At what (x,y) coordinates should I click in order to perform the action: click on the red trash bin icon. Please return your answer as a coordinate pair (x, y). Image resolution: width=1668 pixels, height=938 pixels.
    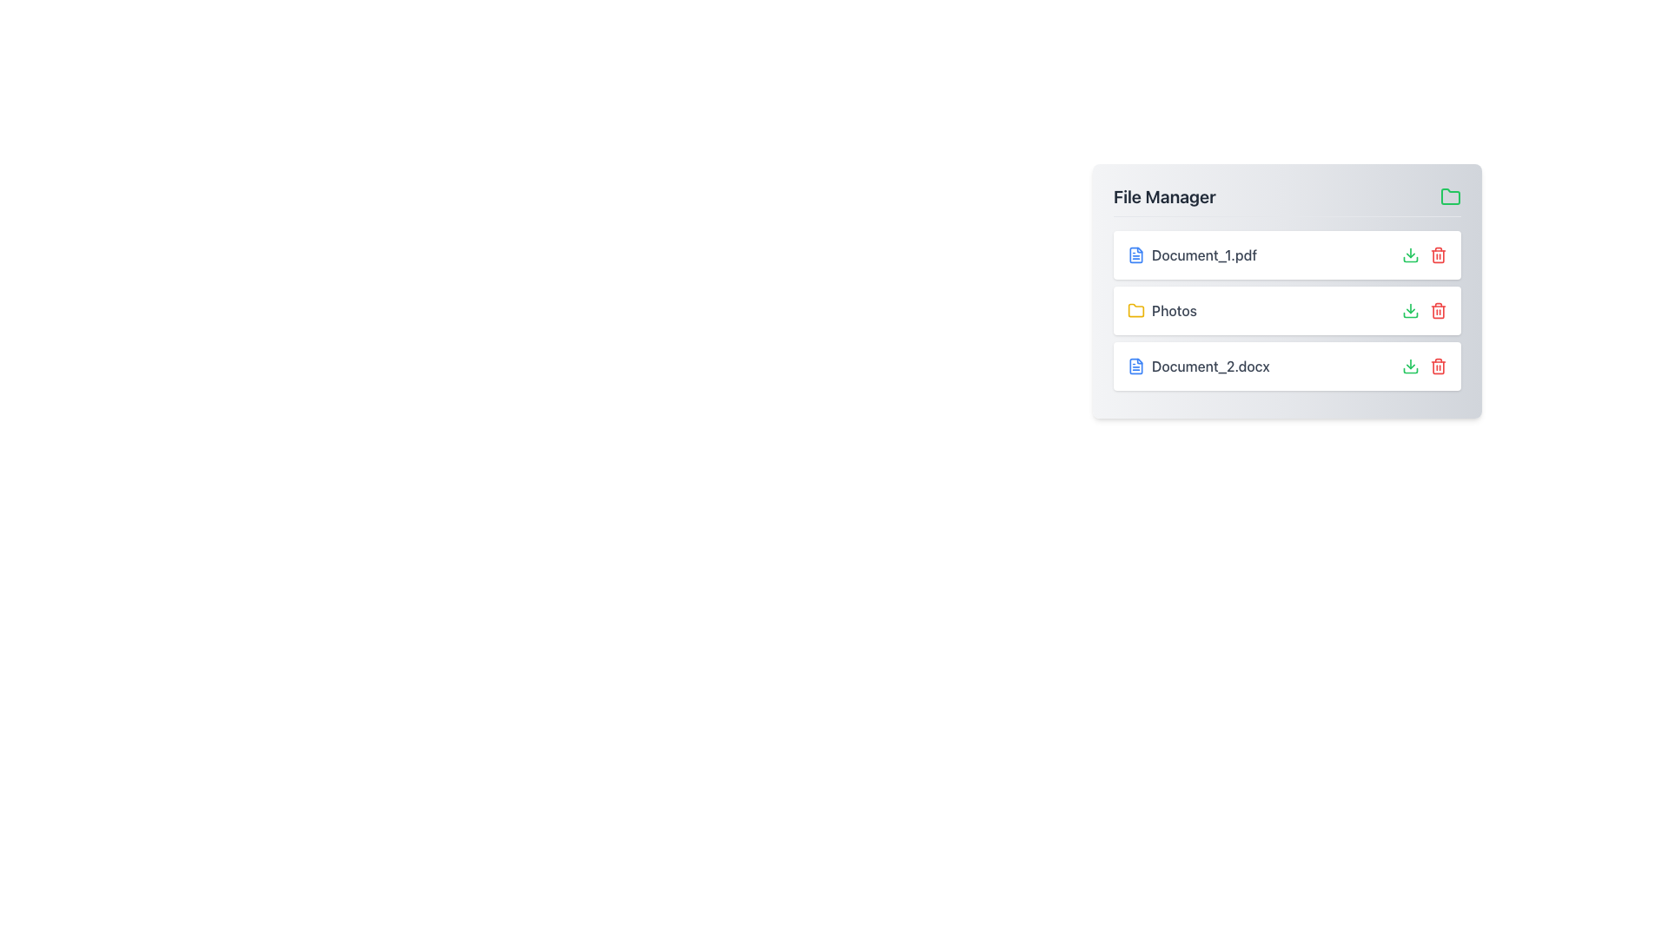
    Looking at the image, I should click on (1439, 310).